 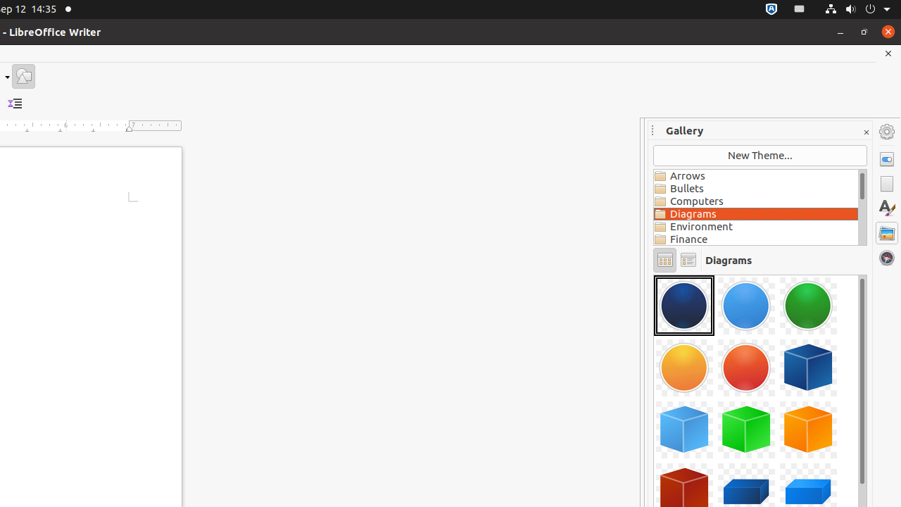 What do you see at coordinates (15, 103) in the screenshot?
I see `'Decrease'` at bounding box center [15, 103].